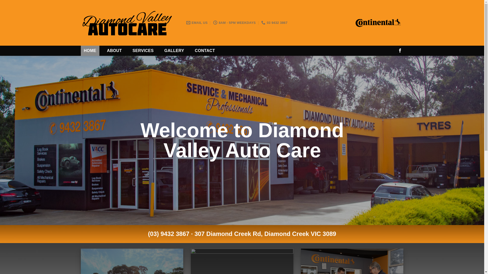 The image size is (488, 274). What do you see at coordinates (90, 51) in the screenshot?
I see `'HOME'` at bounding box center [90, 51].